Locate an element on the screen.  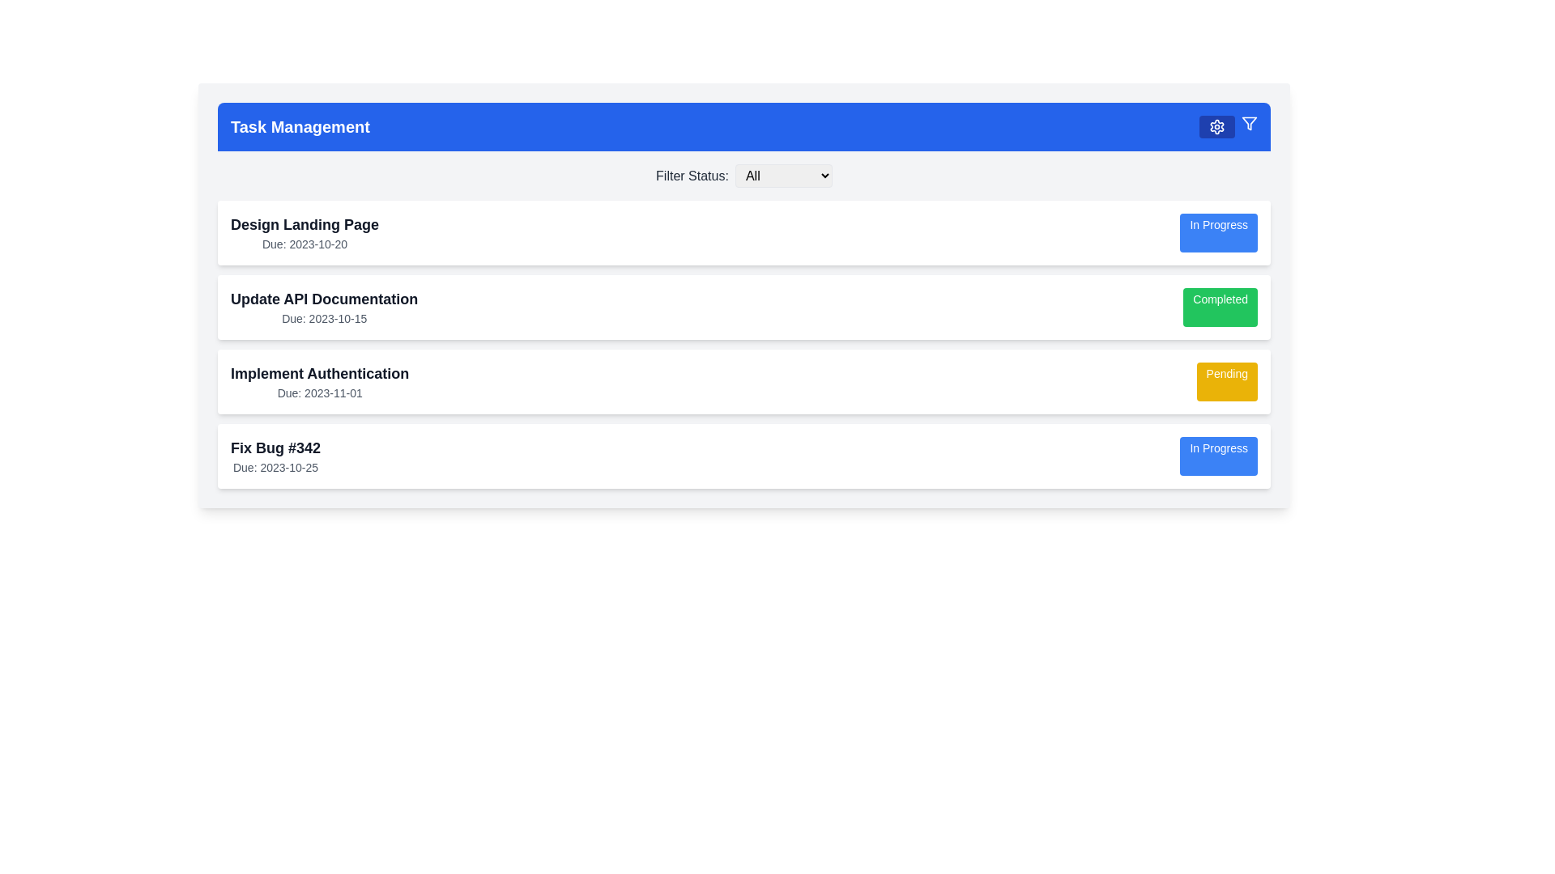
the 'Pending' status tag/label located at the far right side of the 'Implement Authentication' task card is located at coordinates (1227, 381).